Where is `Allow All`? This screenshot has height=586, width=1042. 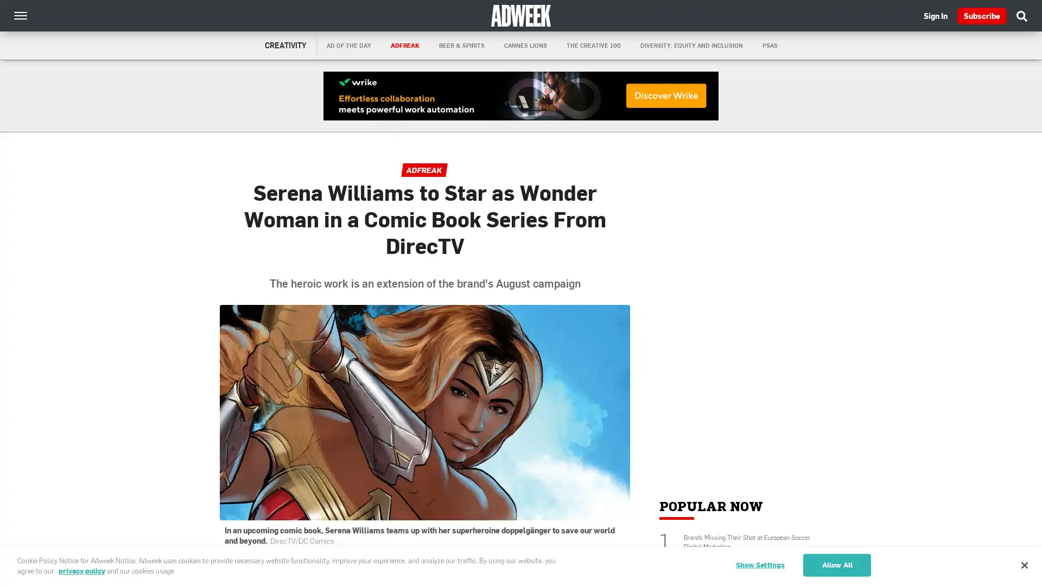 Allow All is located at coordinates (836, 564).